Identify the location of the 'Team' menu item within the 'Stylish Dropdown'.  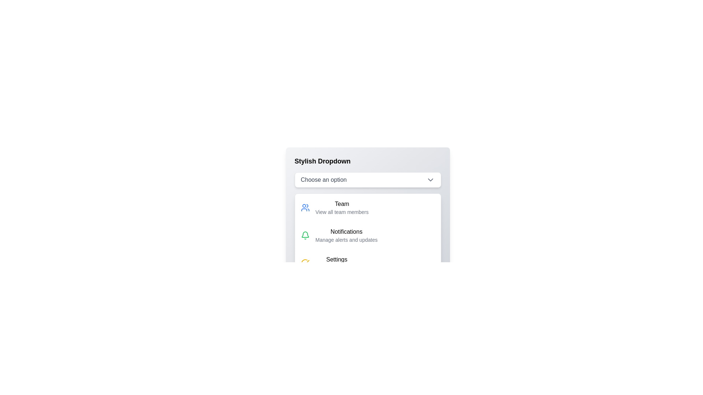
(368, 217).